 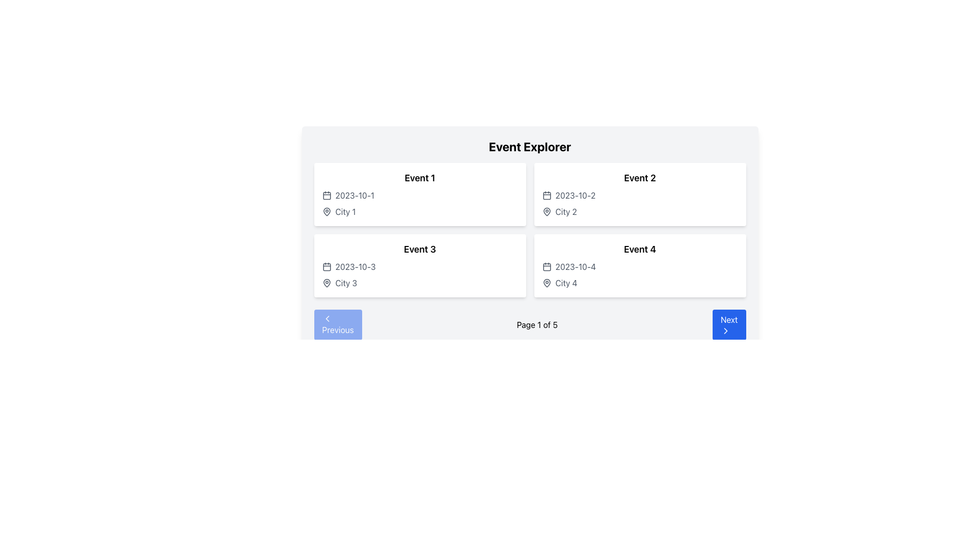 I want to click on the 'Next' button that contains a right-pointing chevron icon, which is visually represented by a clean, minimalist stroke outline, so click(x=725, y=331).